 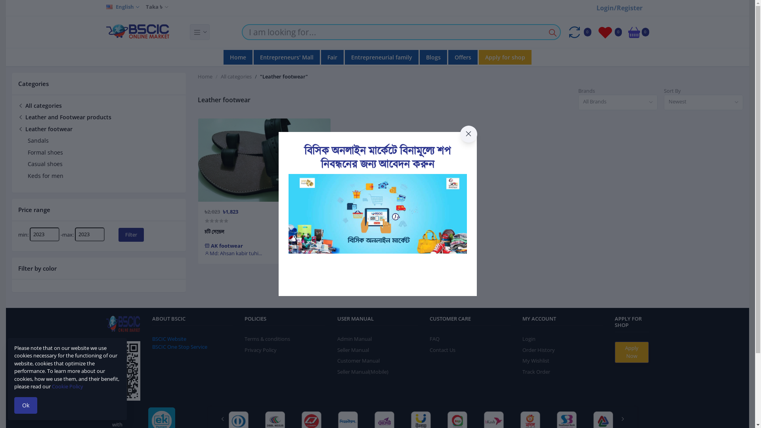 What do you see at coordinates (536, 361) in the screenshot?
I see `'My Wishlist'` at bounding box center [536, 361].